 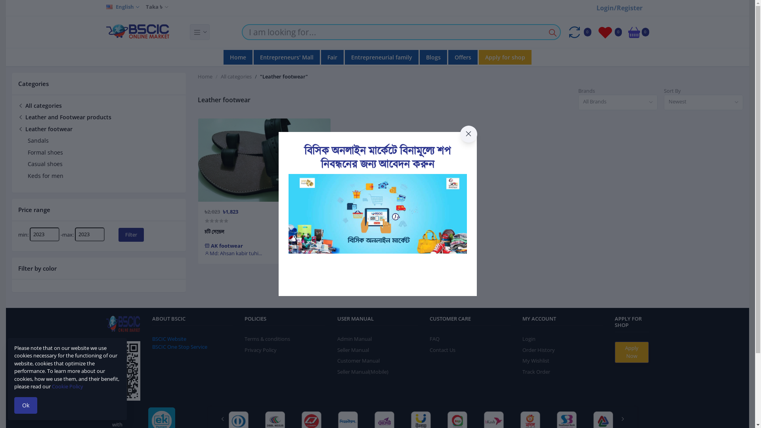 What do you see at coordinates (536, 361) in the screenshot?
I see `'My Wishlist'` at bounding box center [536, 361].